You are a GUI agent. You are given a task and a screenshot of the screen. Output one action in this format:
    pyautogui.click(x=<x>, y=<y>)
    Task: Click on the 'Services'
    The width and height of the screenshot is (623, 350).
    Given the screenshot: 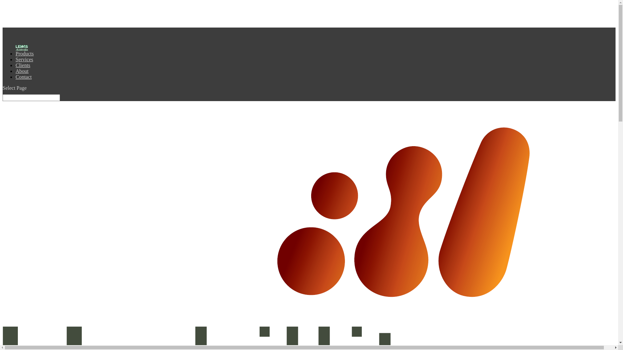 What is the action you would take?
    pyautogui.click(x=24, y=63)
    